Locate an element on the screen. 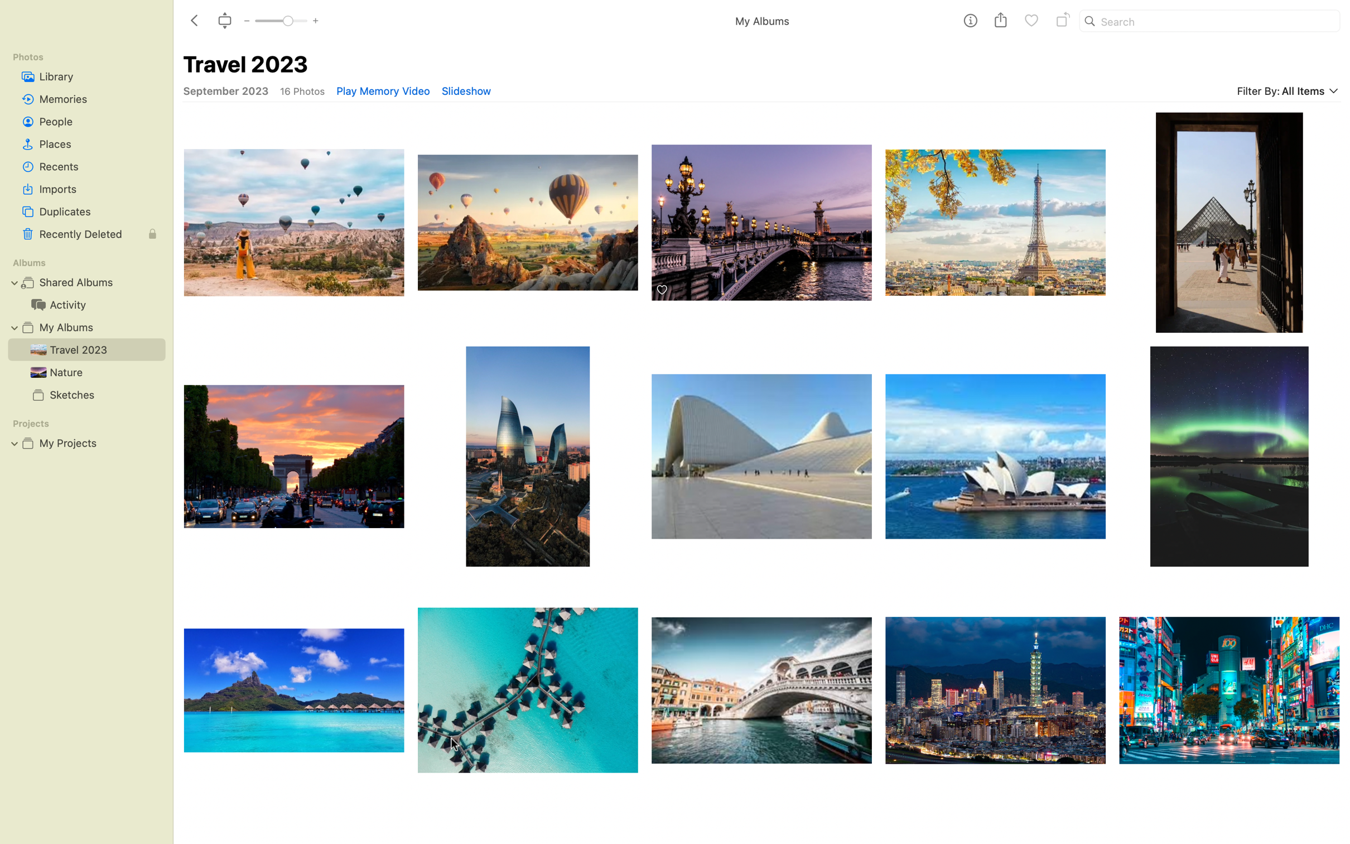 Image resolution: width=1350 pixels, height=844 pixels. Spin Eiffel Tower Picture 360 degrees is located at coordinates (995, 216).